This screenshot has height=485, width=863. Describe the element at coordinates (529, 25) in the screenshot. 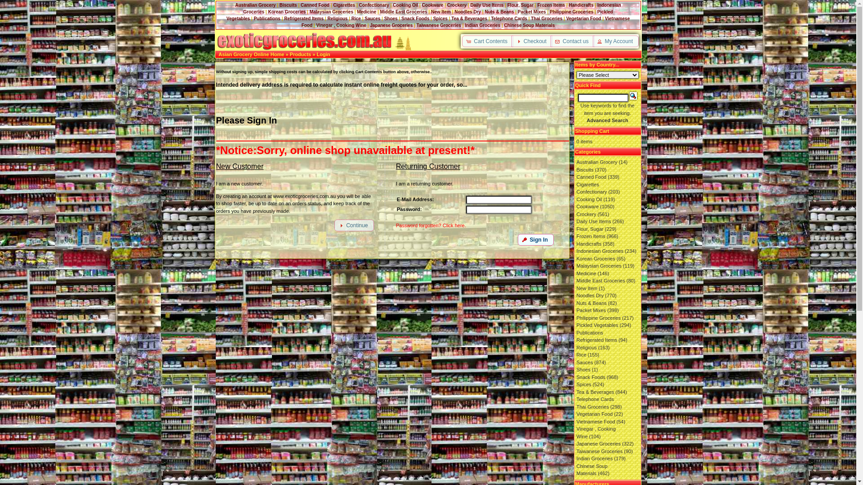

I see `'Chinese Soup Materials'` at that location.